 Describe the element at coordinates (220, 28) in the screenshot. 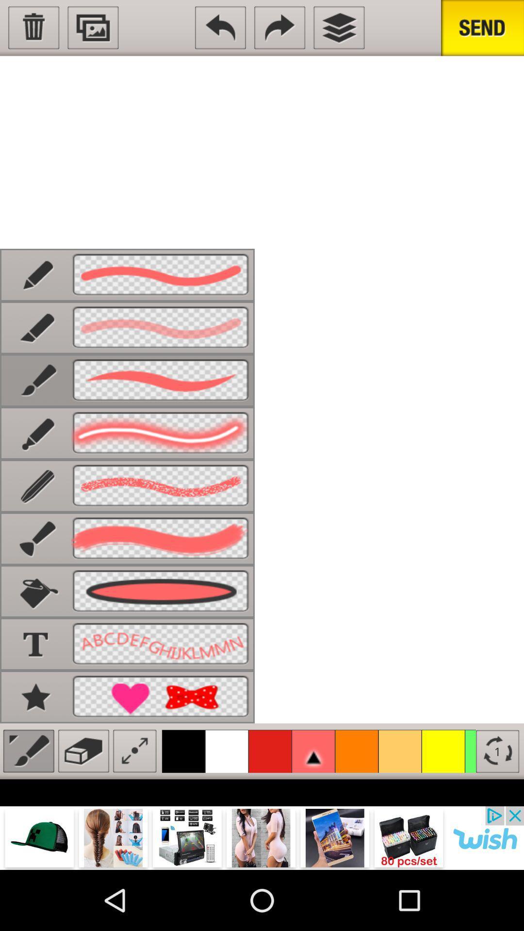

I see `go back` at that location.